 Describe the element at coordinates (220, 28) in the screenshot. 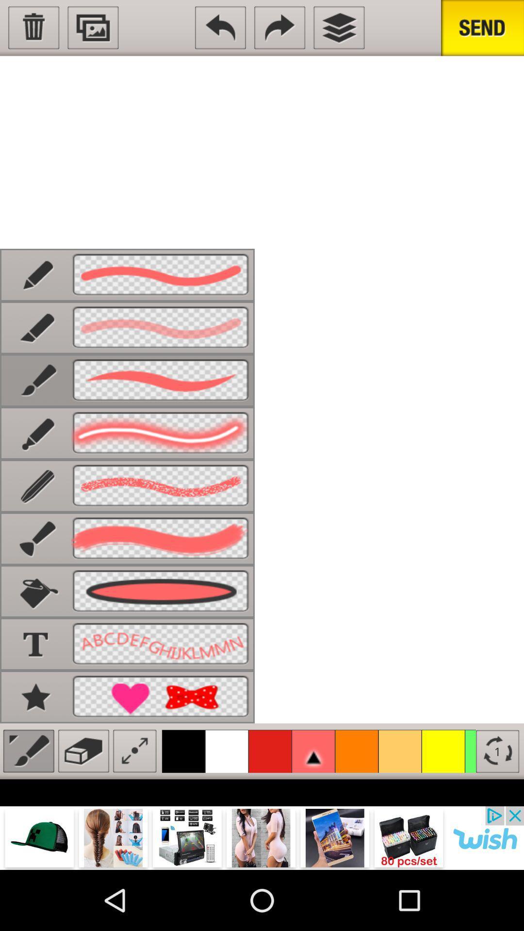

I see `go back` at that location.